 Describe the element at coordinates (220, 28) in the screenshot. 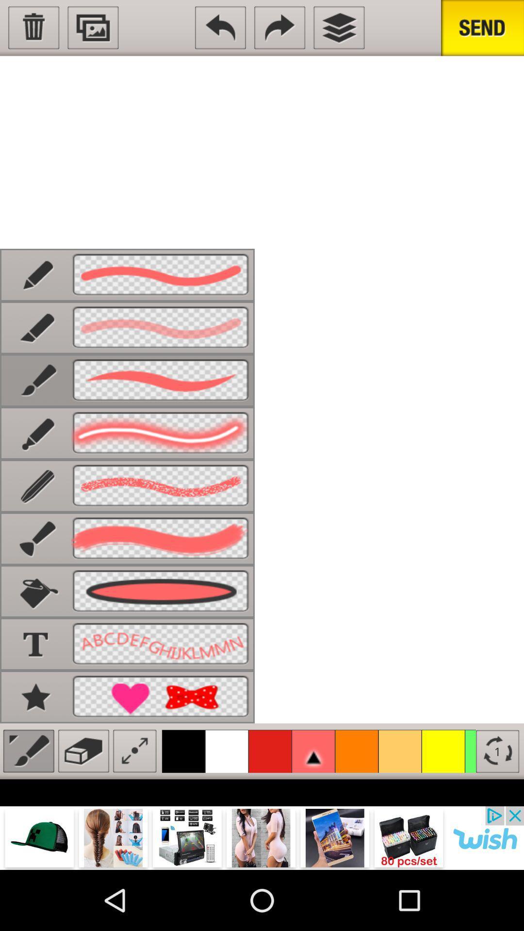

I see `go back` at that location.